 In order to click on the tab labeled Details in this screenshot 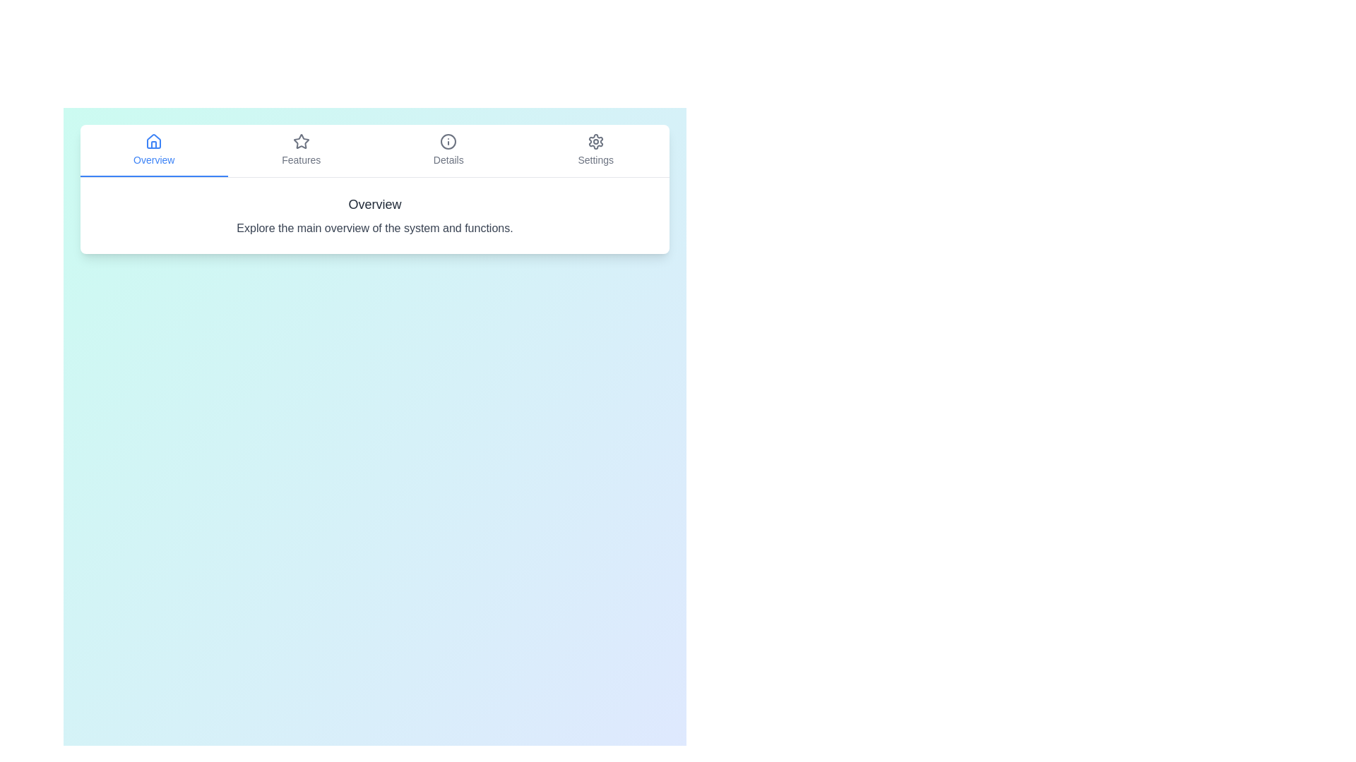, I will do `click(447, 150)`.